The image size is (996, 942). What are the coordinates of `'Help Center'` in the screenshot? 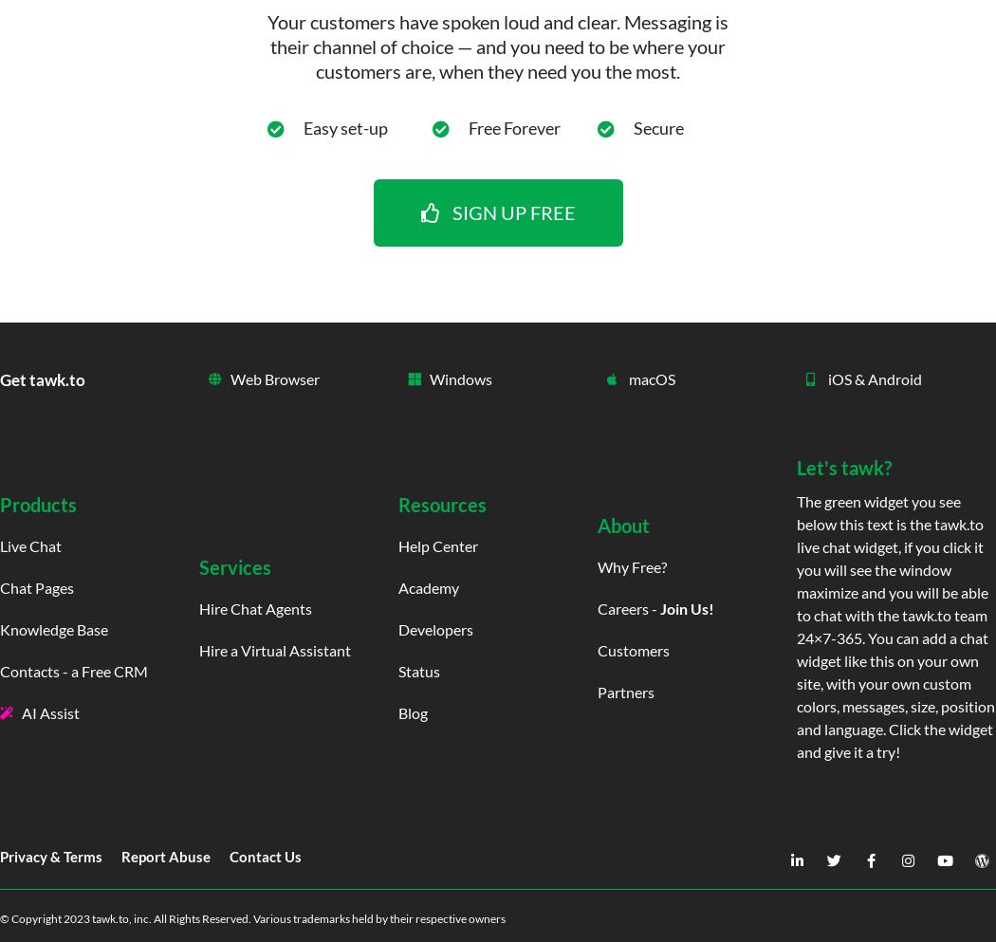 It's located at (438, 545).